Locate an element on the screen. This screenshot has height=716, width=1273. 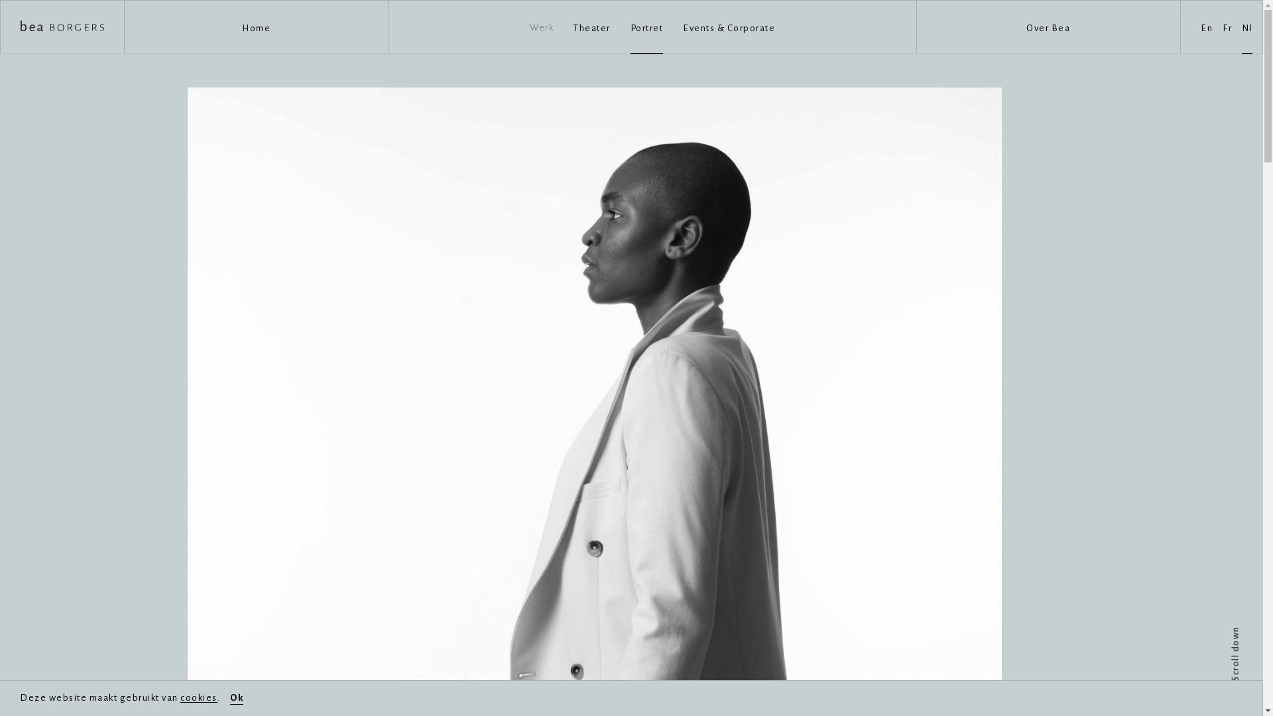
'Theater' is located at coordinates (591, 27).